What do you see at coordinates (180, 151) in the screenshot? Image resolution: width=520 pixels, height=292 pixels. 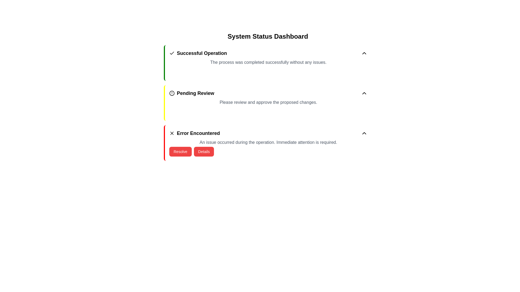 I see `the 'Resolve' button, which is a red rectangular button with white bold text located in the 'Error Encountered' section` at bounding box center [180, 151].